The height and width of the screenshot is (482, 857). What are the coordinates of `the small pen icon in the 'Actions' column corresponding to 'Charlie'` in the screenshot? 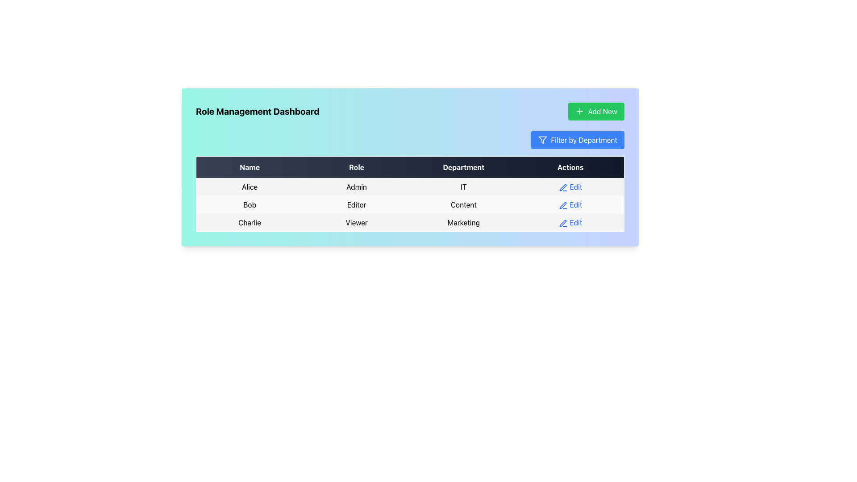 It's located at (563, 223).